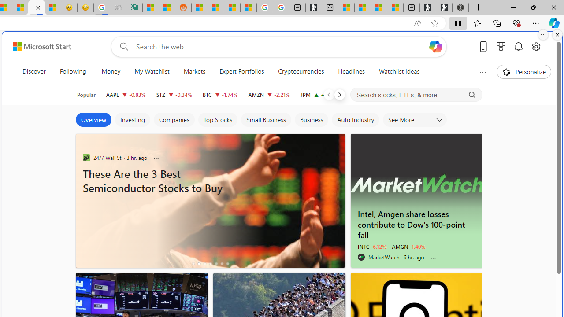 Image resolution: width=564 pixels, height=317 pixels. I want to click on 'Business', so click(312, 120).